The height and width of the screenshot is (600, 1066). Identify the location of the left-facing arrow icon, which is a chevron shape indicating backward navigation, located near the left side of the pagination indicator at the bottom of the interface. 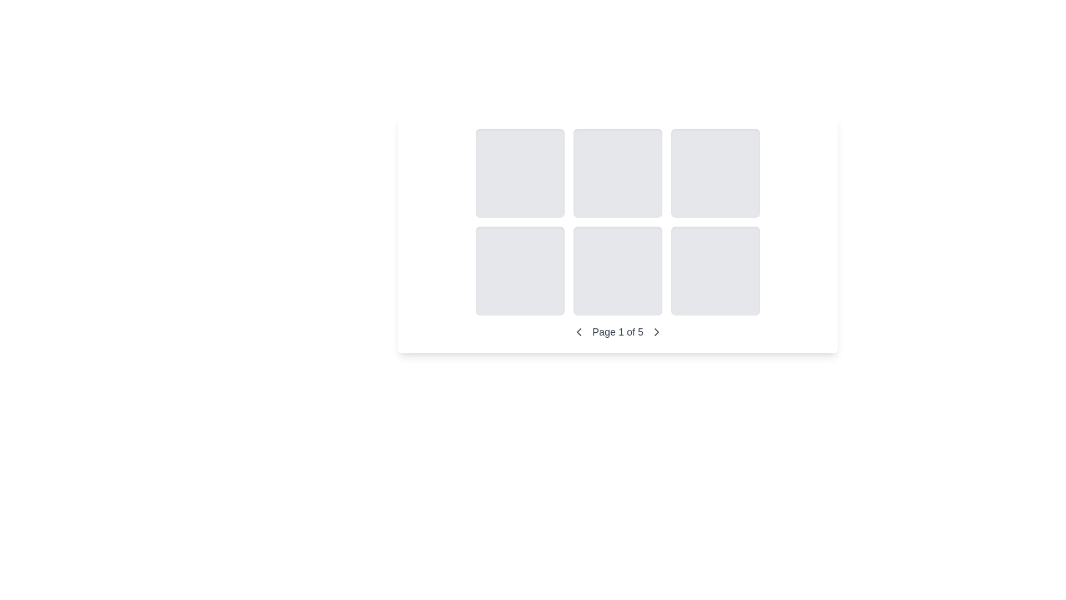
(578, 331).